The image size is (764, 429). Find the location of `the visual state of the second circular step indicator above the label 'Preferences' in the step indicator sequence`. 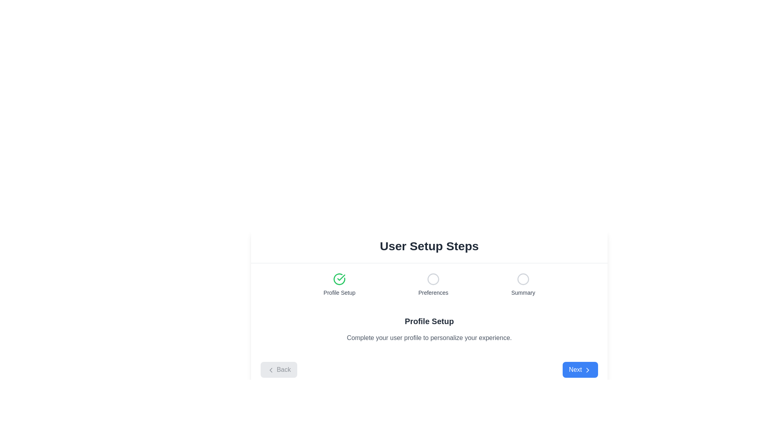

the visual state of the second circular step indicator above the label 'Preferences' in the step indicator sequence is located at coordinates (433, 284).